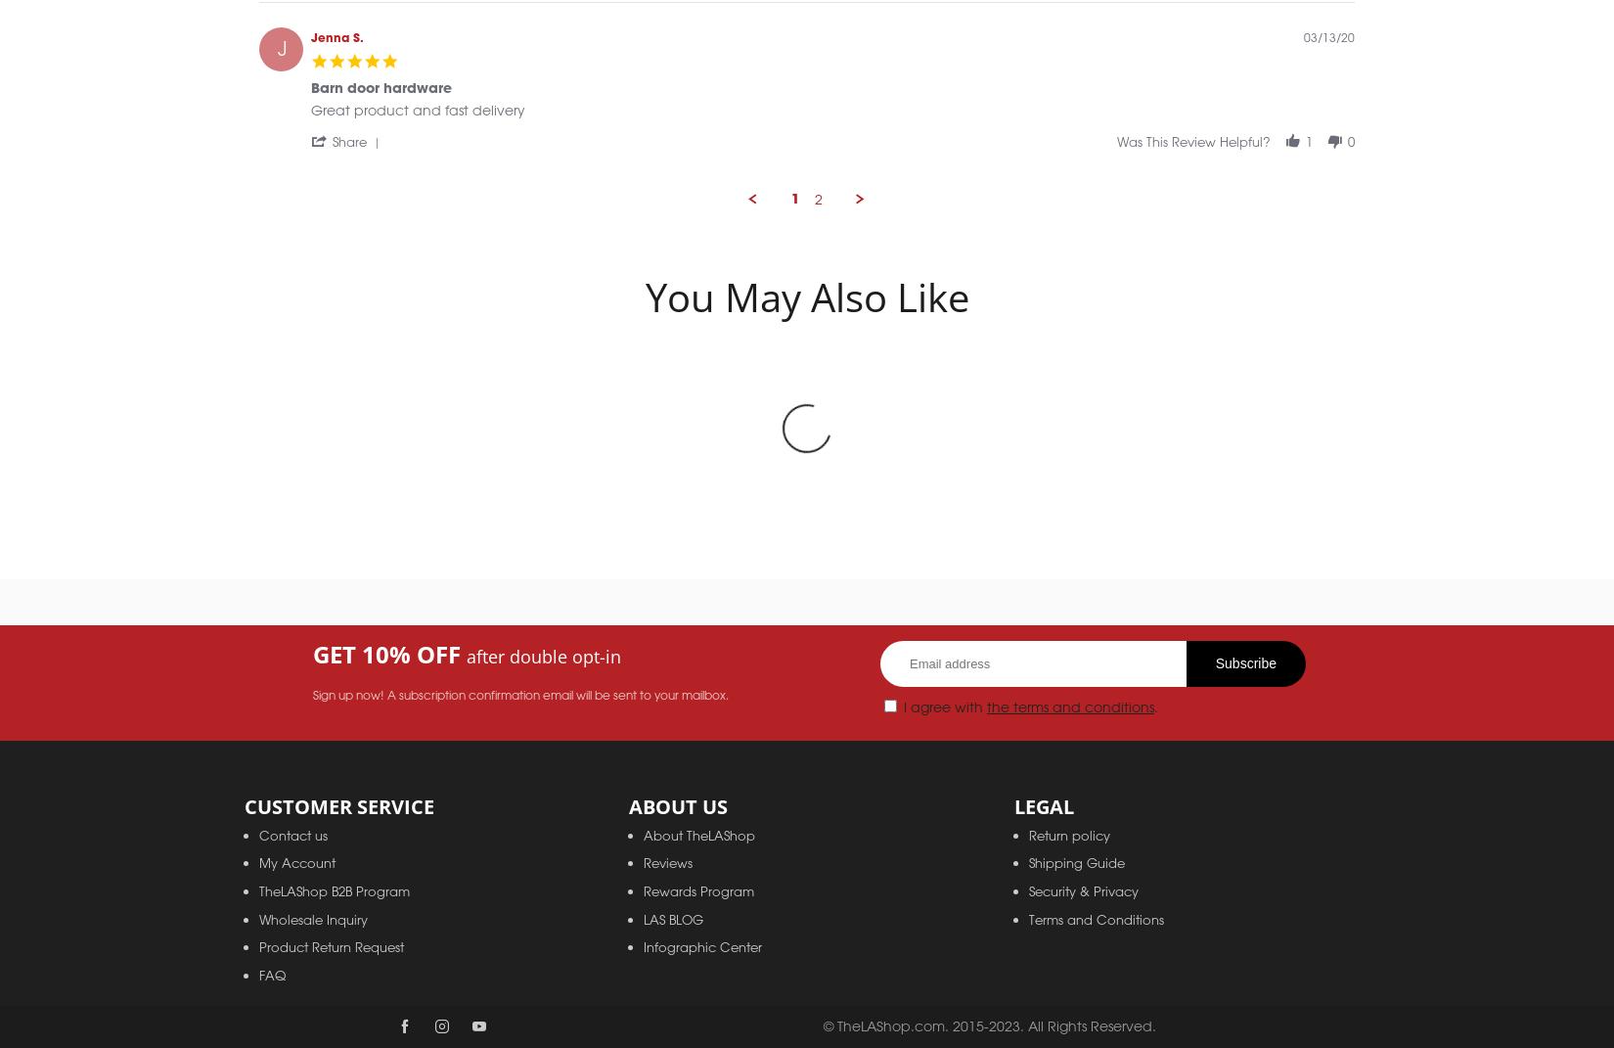  I want to click on '03/13/20', so click(1303, 57).